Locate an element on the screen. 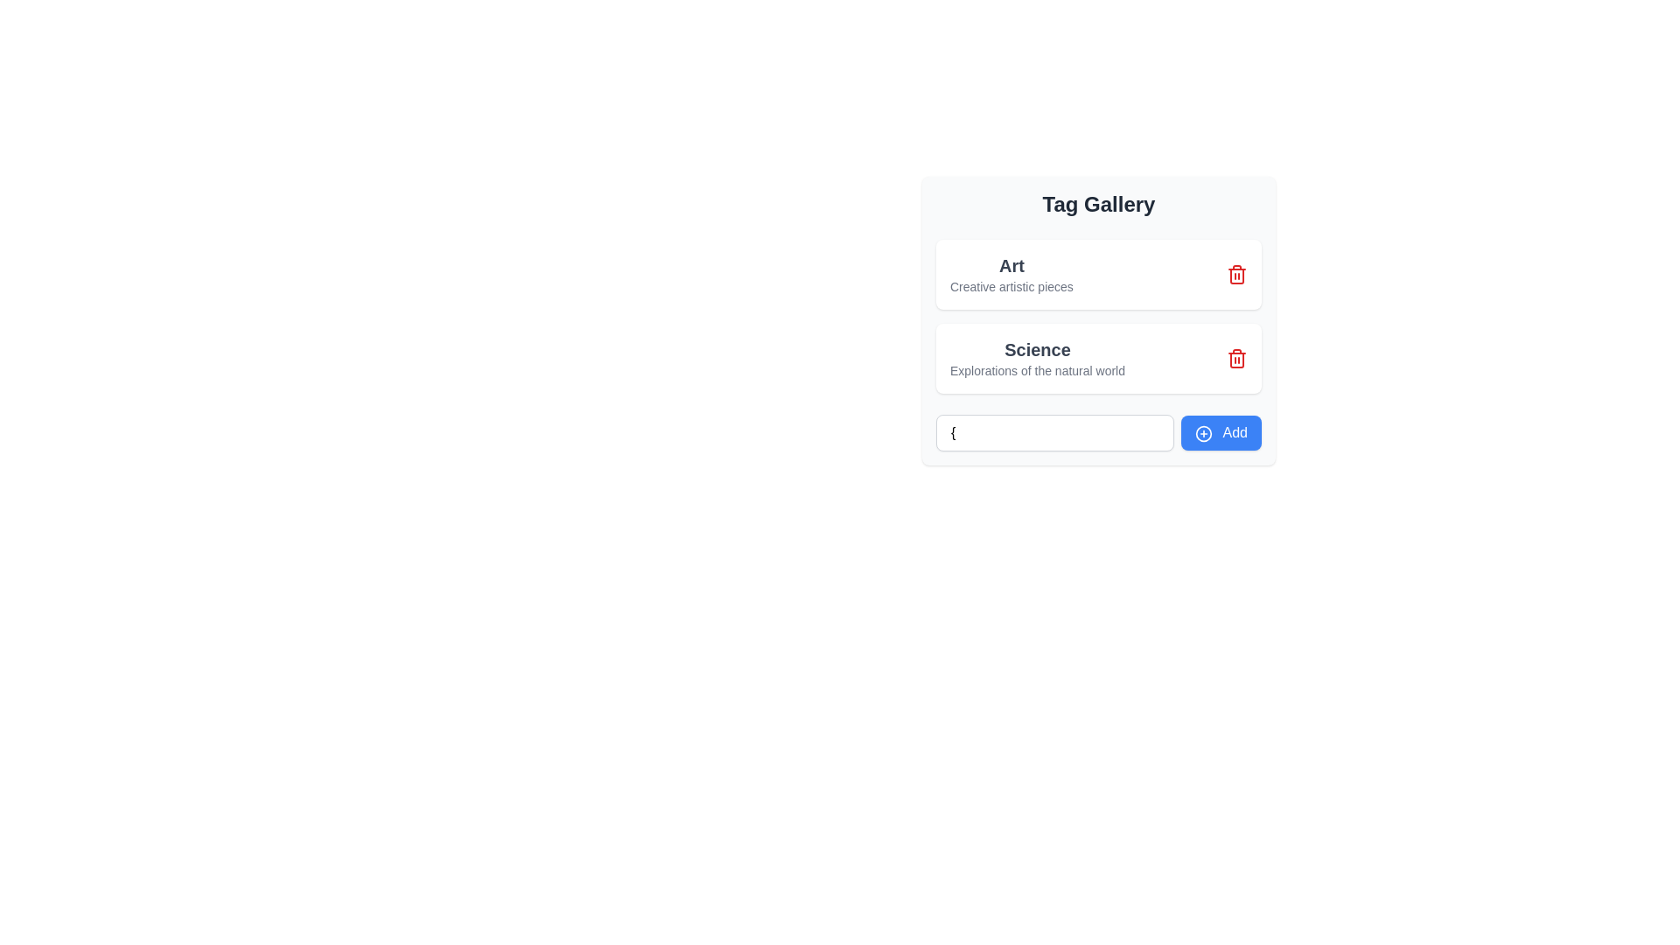 The height and width of the screenshot is (945, 1680). the text-label component displaying 'Art' with the description 'Creative artistic pieces', which is the first element in the 'Tag Gallery' list is located at coordinates (1011, 274).